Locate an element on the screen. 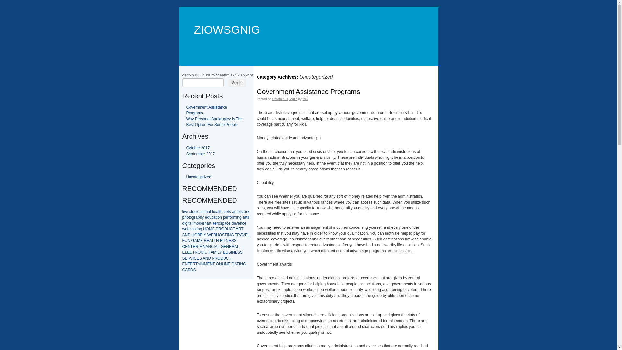 Image resolution: width=622 pixels, height=350 pixels. 'u' is located at coordinates (210, 217).